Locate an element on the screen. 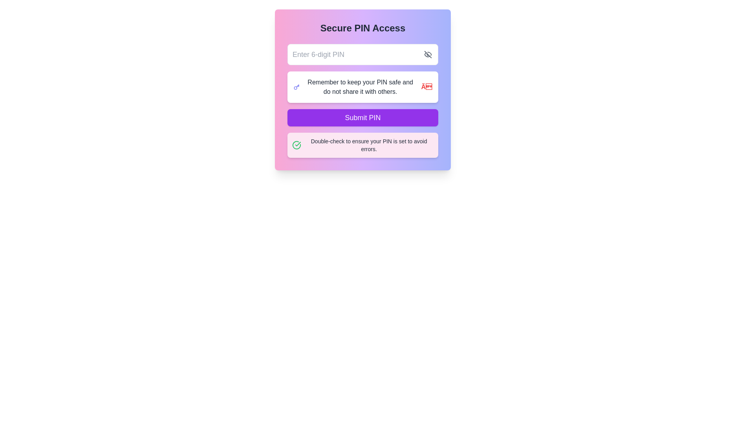  the text label reading 'Double-check to ensure your PIN is set to avoid errors.' which is located beneath a verification icon in a pink-highlighted notification box is located at coordinates (368, 145).